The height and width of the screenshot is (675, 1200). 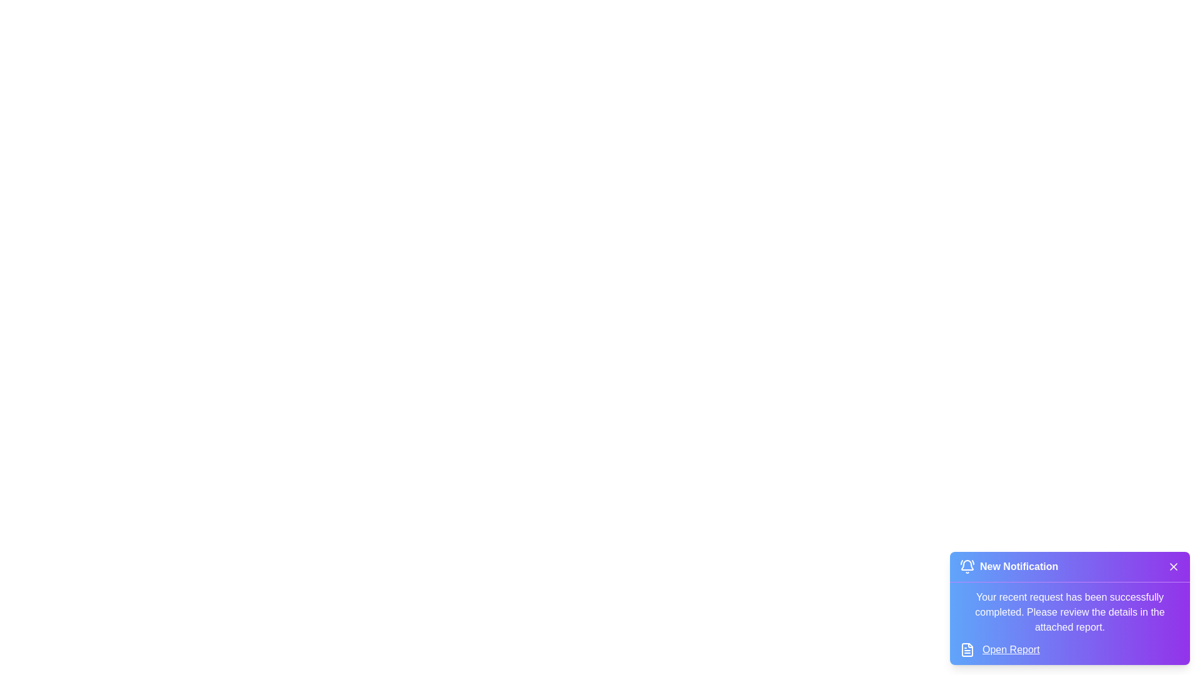 I want to click on the close button located at the top-right corner of the purple-gradient notification box, so click(x=1172, y=566).